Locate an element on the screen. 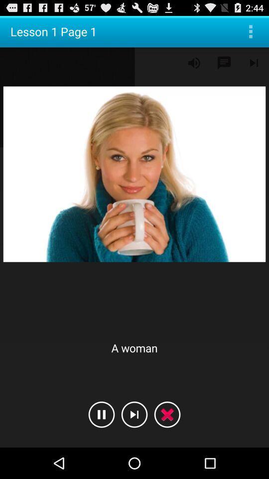 This screenshot has height=479, width=269. the close icon is located at coordinates (167, 443).